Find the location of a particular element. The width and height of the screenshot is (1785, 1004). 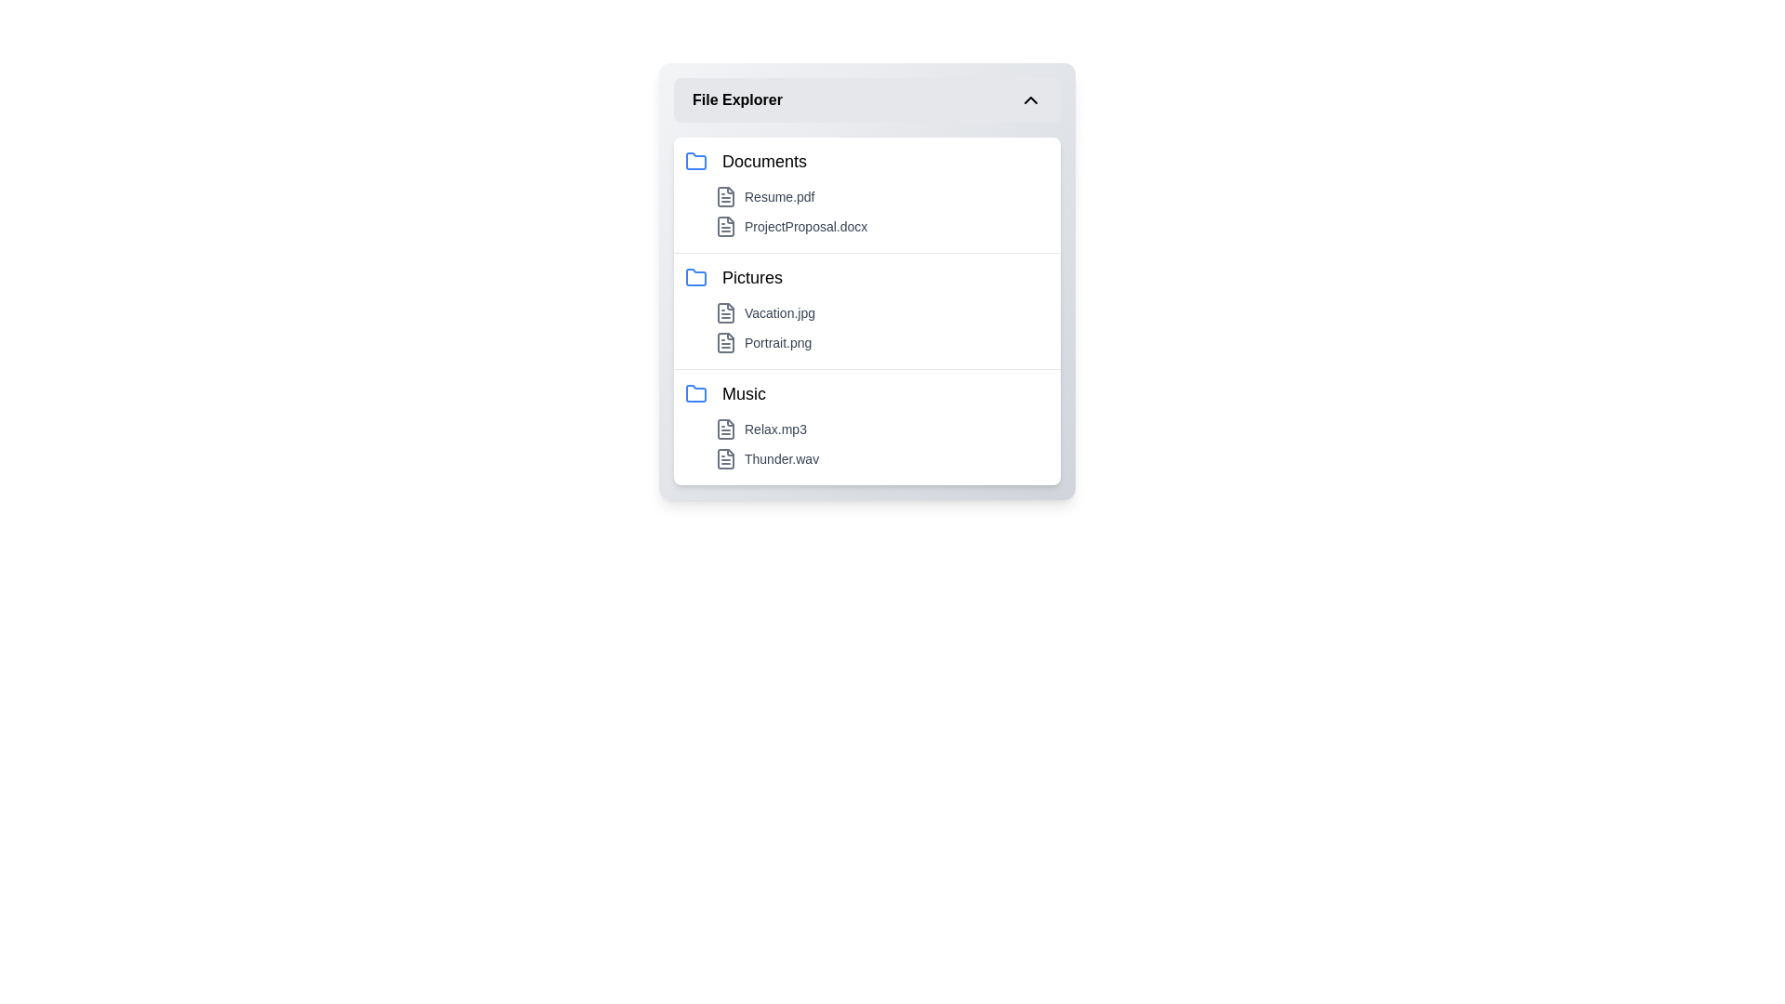

the file named Resume.pdf to open it is located at coordinates (881, 197).